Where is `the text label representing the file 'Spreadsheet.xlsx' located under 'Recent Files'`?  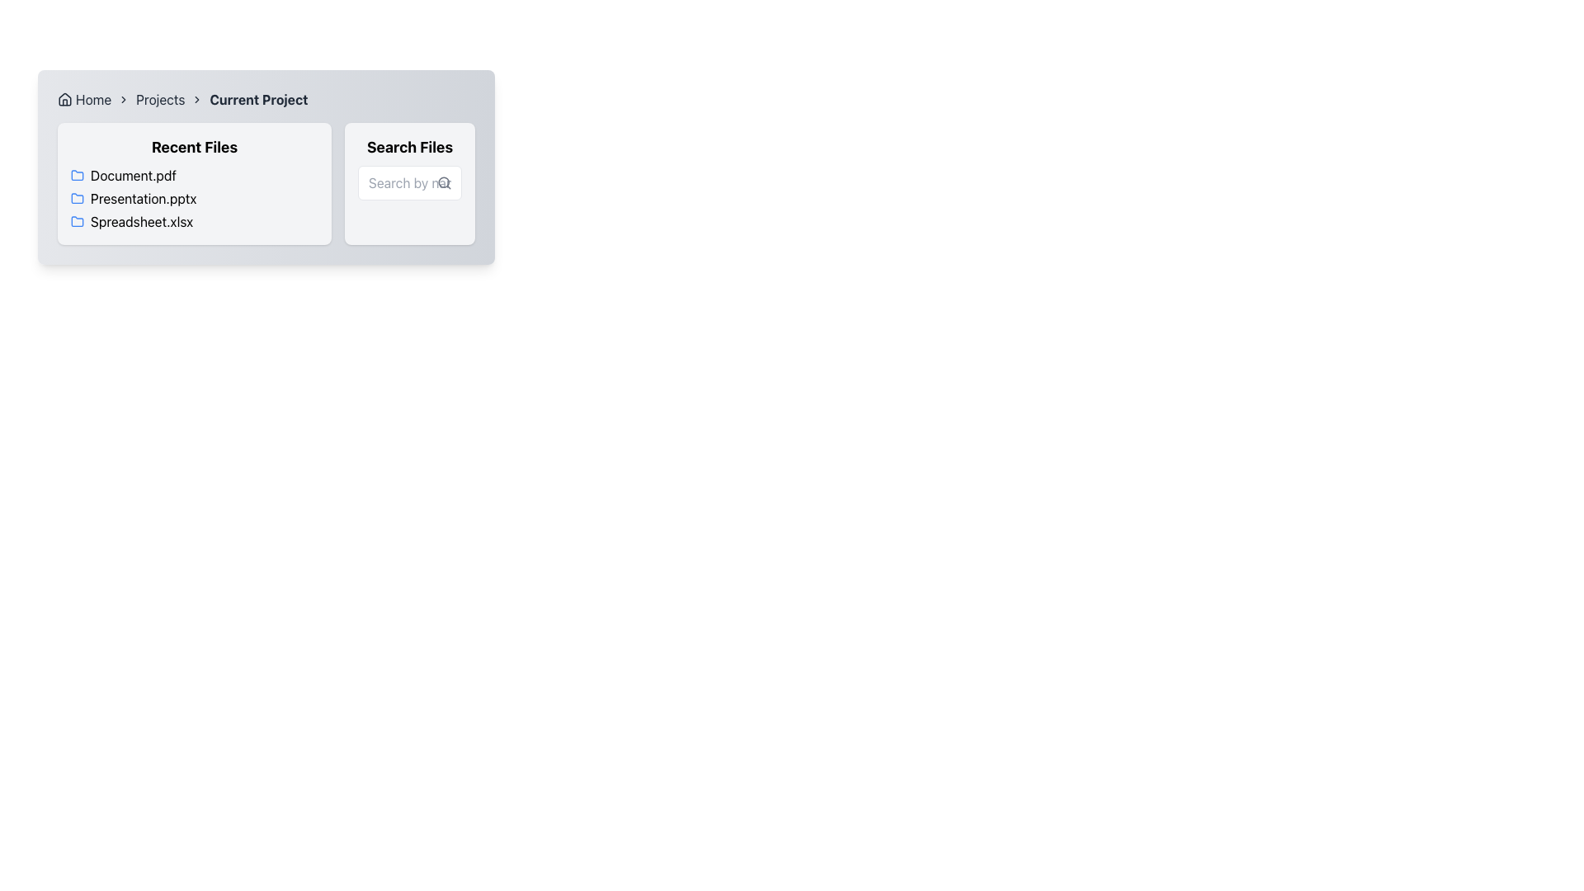 the text label representing the file 'Spreadsheet.xlsx' located under 'Recent Files' is located at coordinates (142, 221).